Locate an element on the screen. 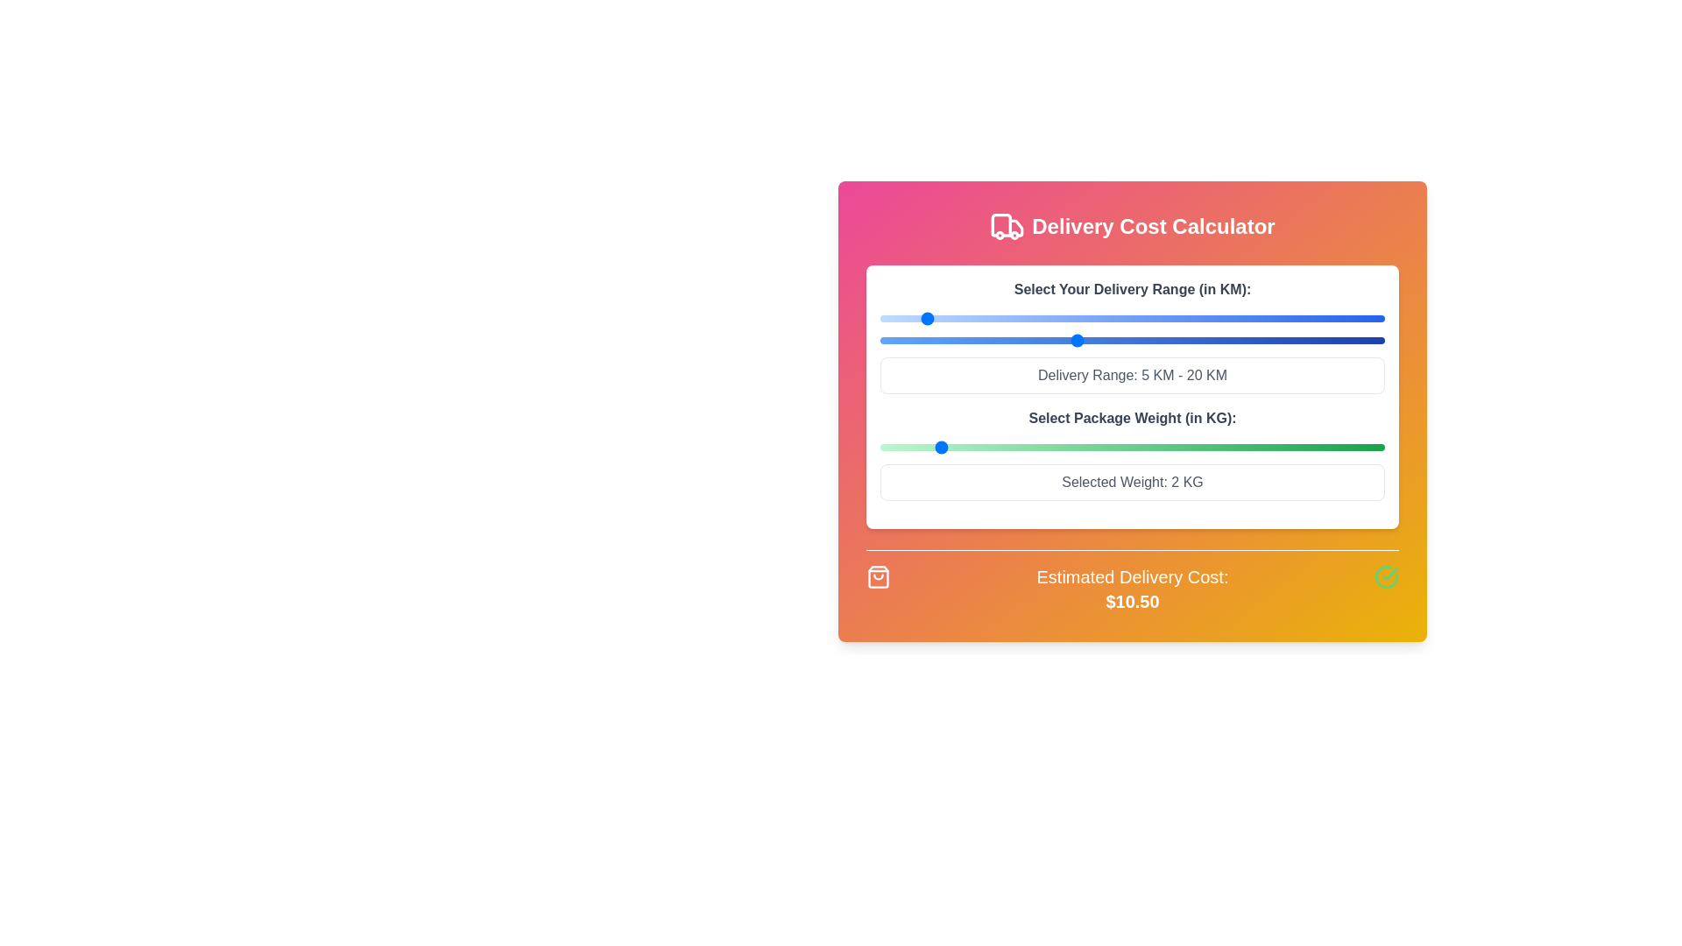  the shopping or delivery icon located on the left side of the section, which is positioned before the text 'Estimated Delivery Cost: $10.50' is located at coordinates (879, 577).